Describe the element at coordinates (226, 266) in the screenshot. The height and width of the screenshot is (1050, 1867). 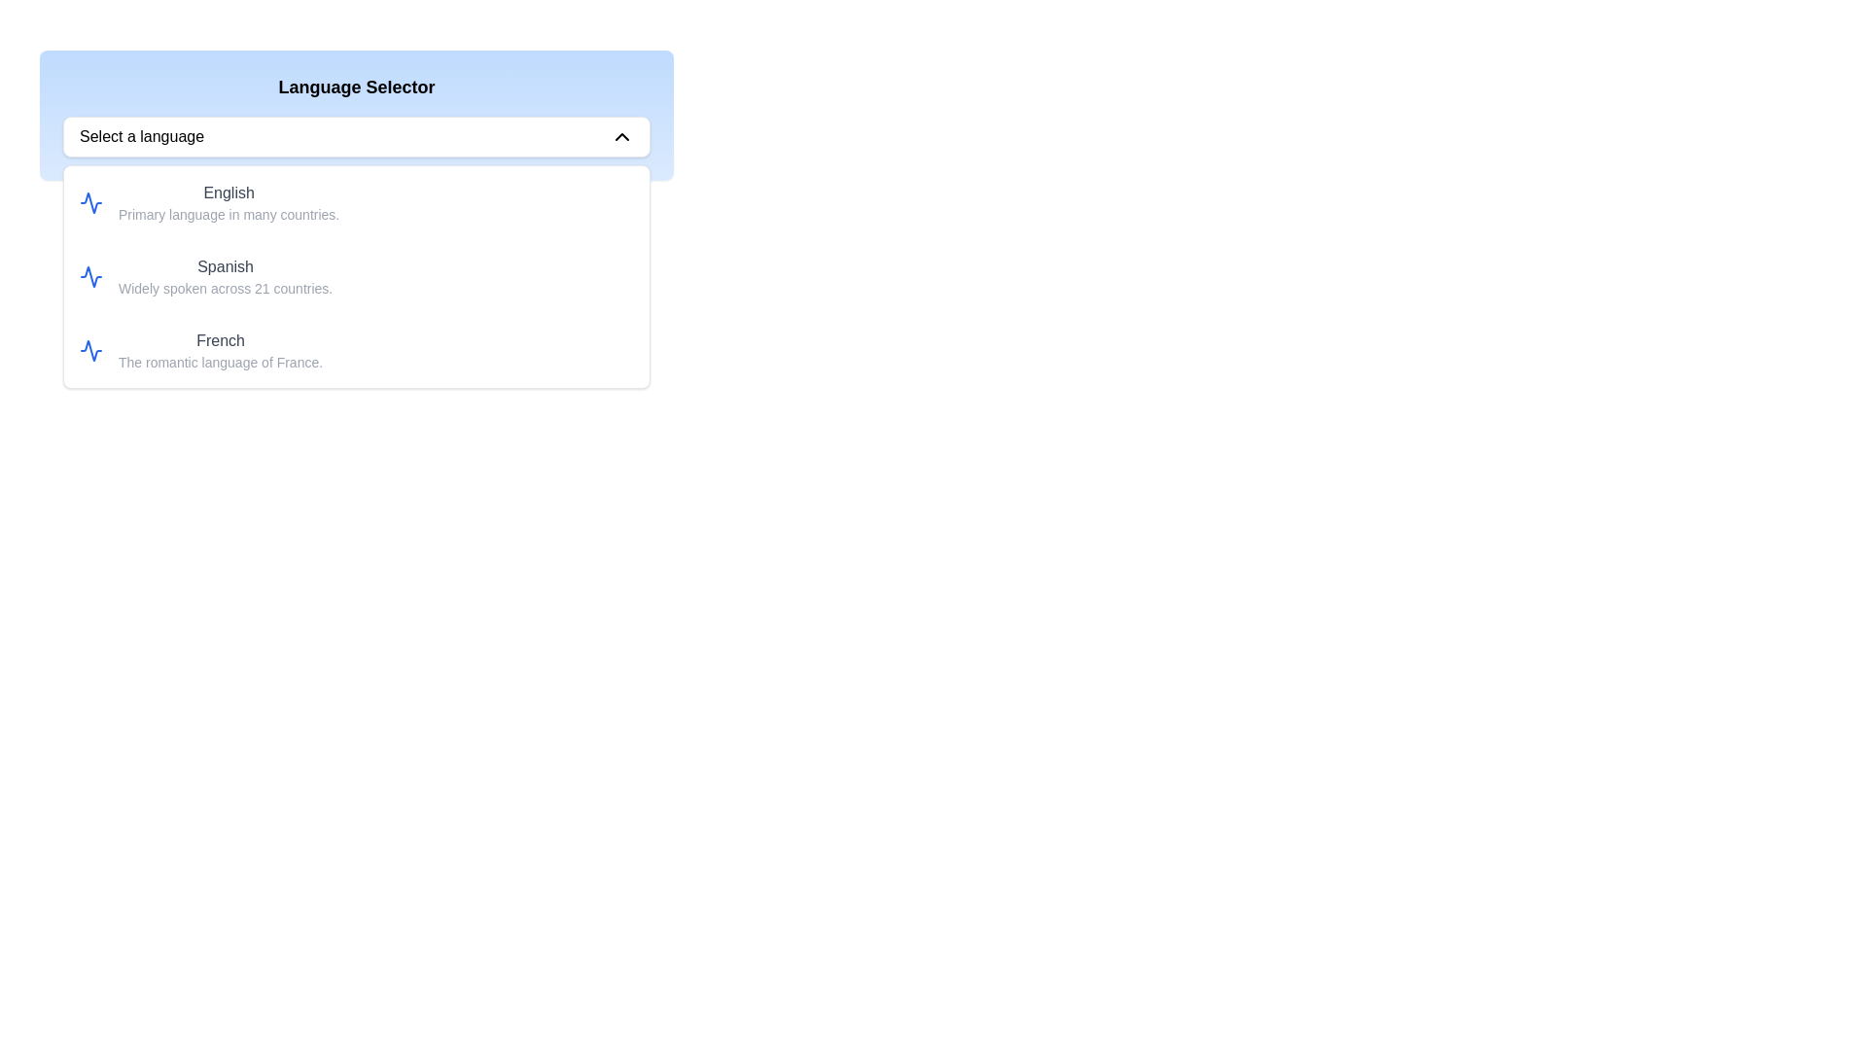
I see `the 'Spanish' text label that is centrally located in the language selector menu, positioned above the explanatory text 'Widely spoken across 21 countries.'` at that location.